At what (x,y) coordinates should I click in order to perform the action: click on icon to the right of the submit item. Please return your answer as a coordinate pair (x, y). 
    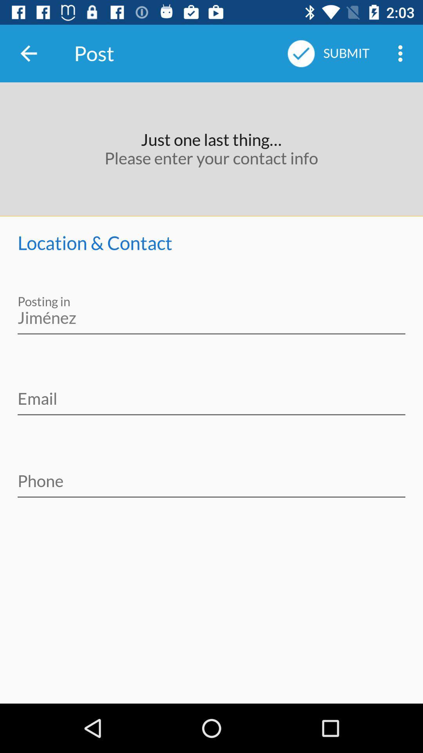
    Looking at the image, I should click on (402, 53).